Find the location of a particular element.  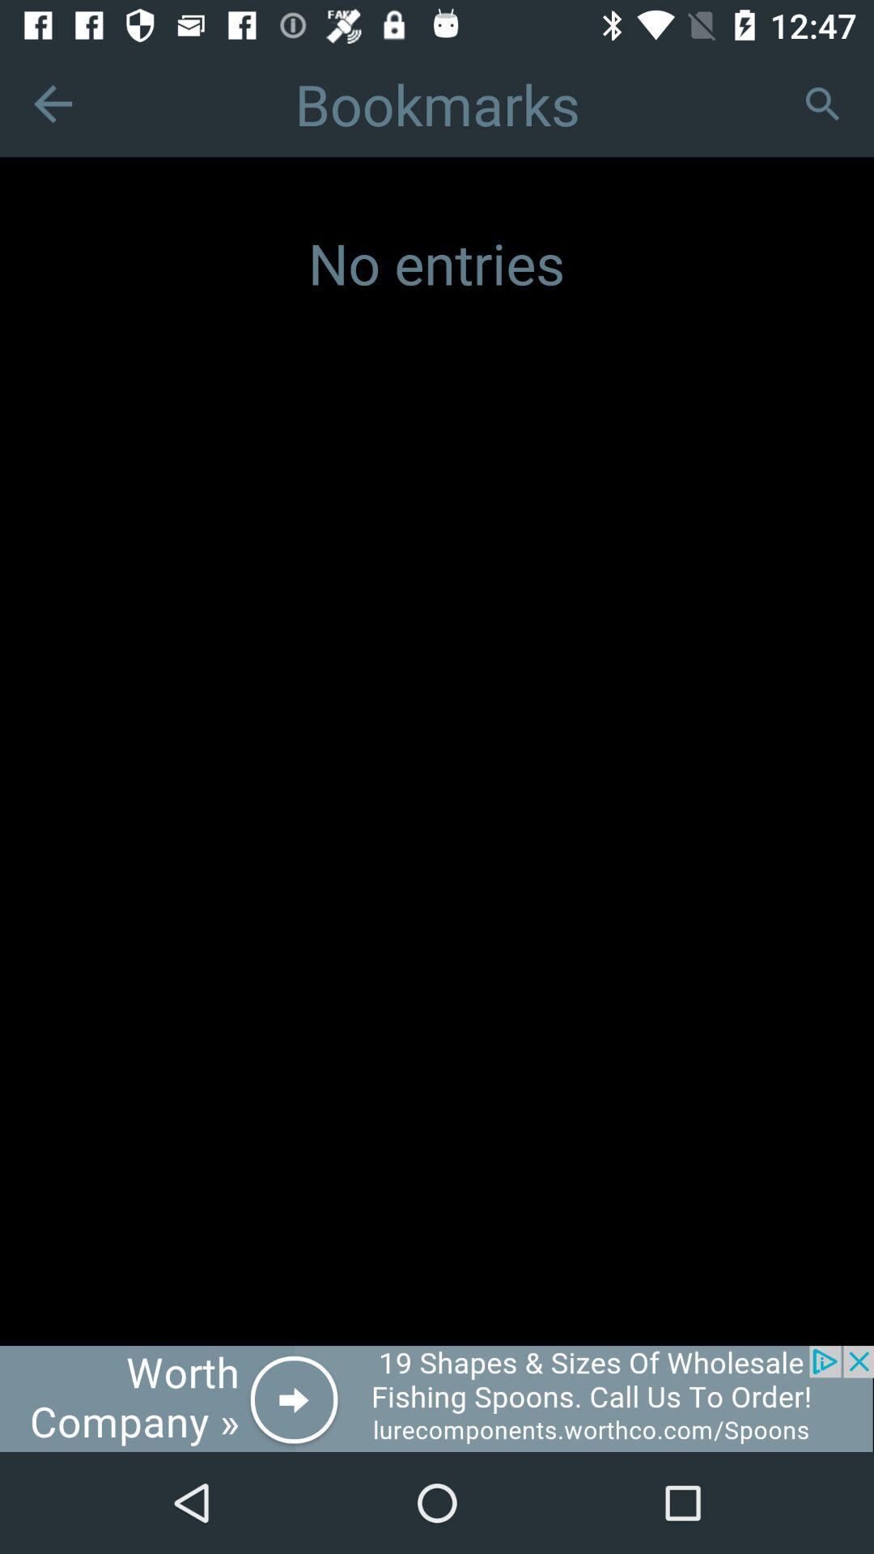

the search icon is located at coordinates (821, 103).